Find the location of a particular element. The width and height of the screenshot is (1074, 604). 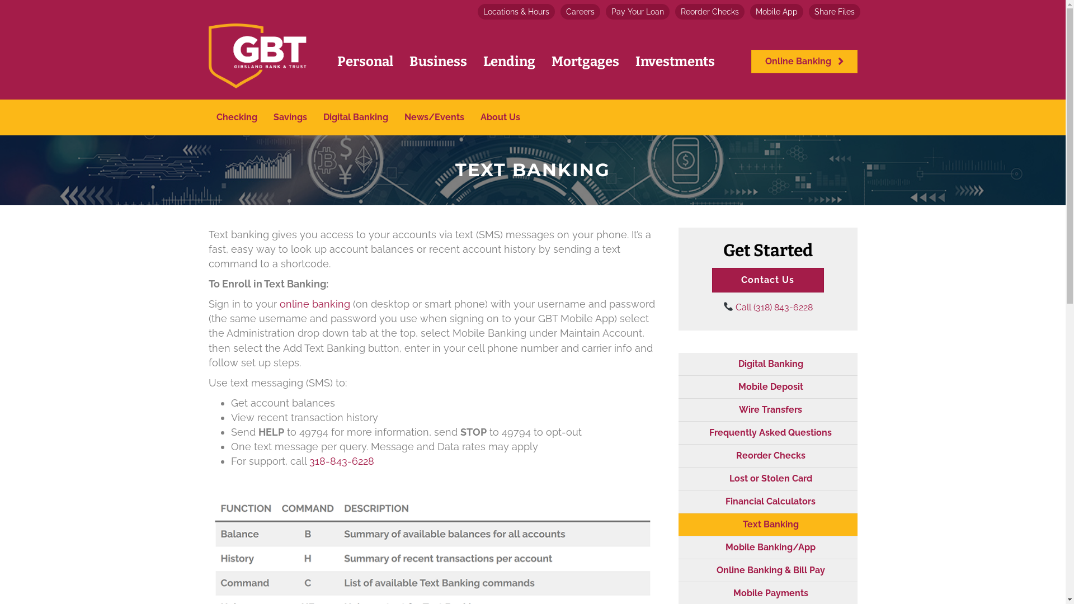

'Mobile App' is located at coordinates (775, 11).